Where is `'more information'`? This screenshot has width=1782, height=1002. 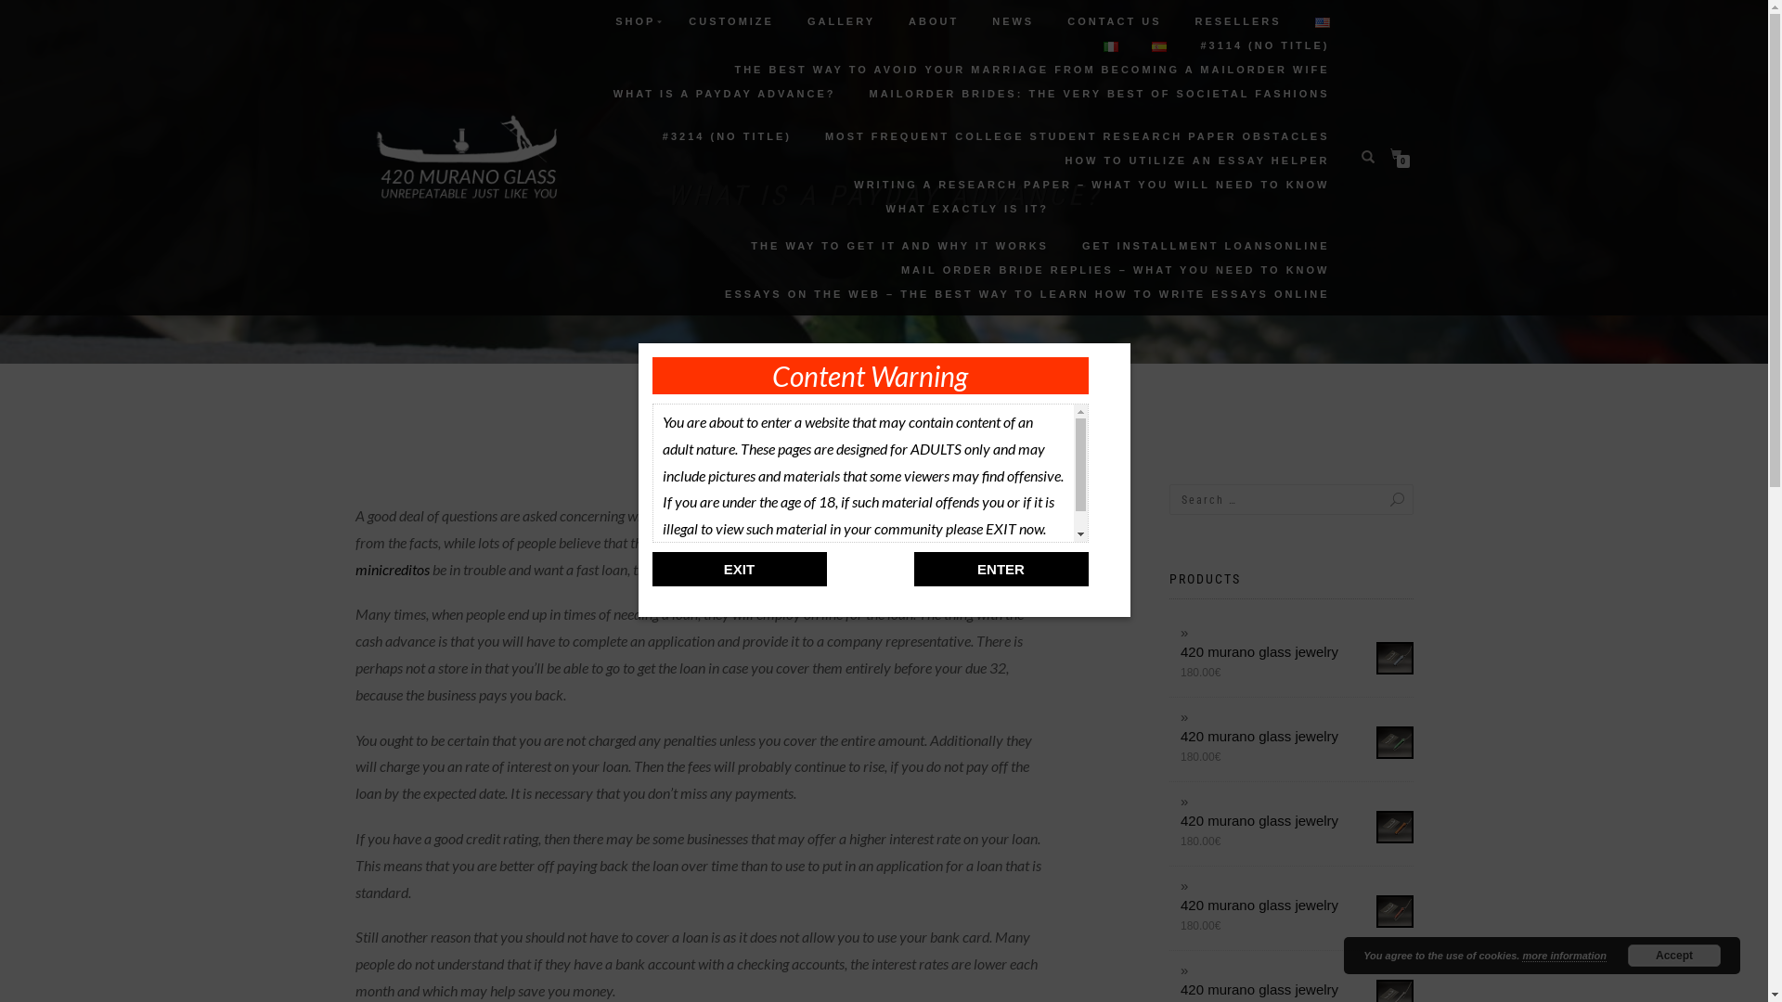
'more information' is located at coordinates (1562, 956).